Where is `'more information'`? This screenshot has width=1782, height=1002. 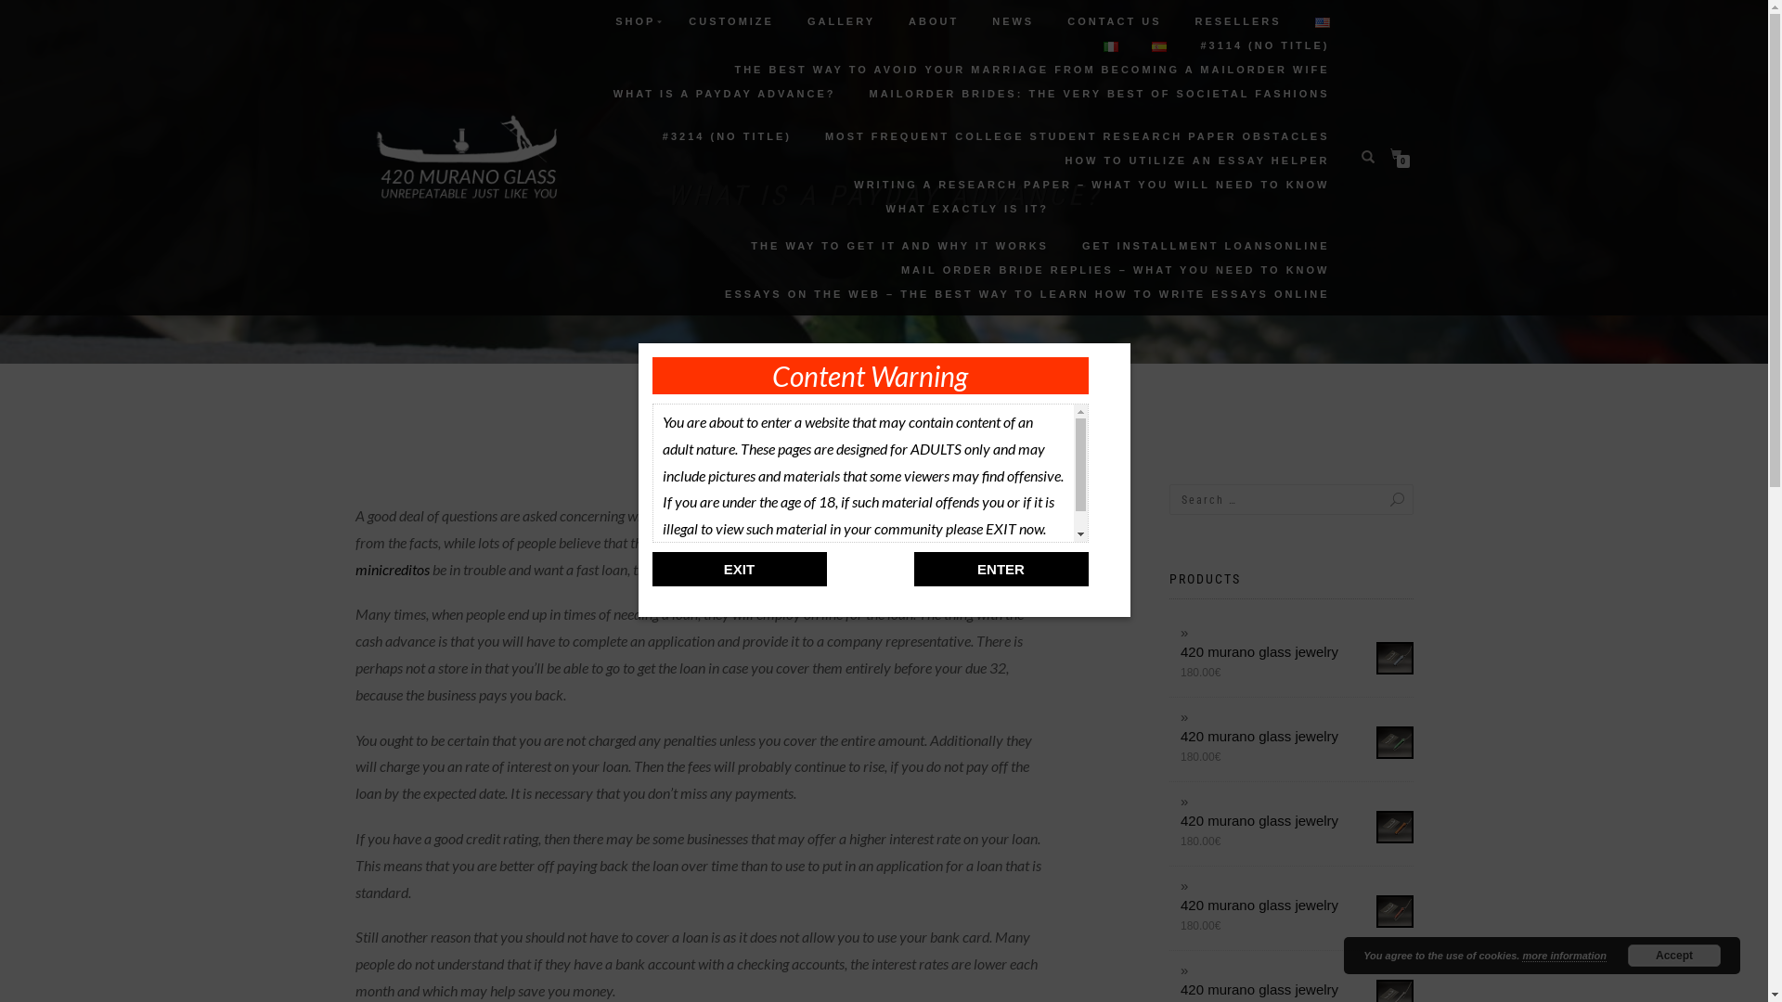
'more information' is located at coordinates (1562, 956).